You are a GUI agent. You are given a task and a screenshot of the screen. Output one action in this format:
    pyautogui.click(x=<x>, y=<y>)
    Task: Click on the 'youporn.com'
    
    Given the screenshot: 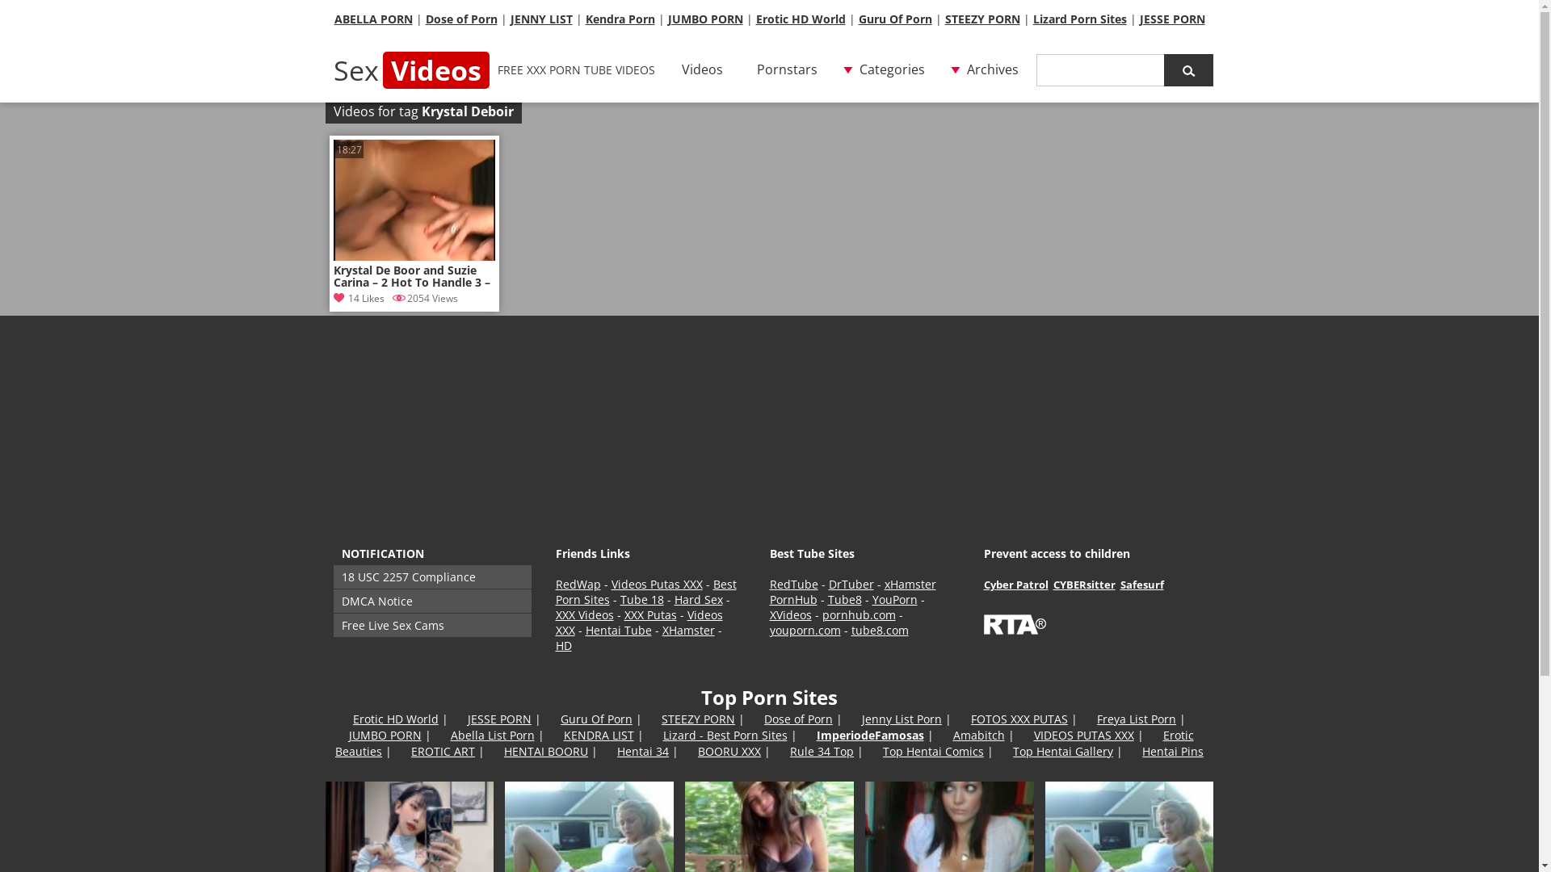 What is the action you would take?
    pyautogui.click(x=767, y=629)
    